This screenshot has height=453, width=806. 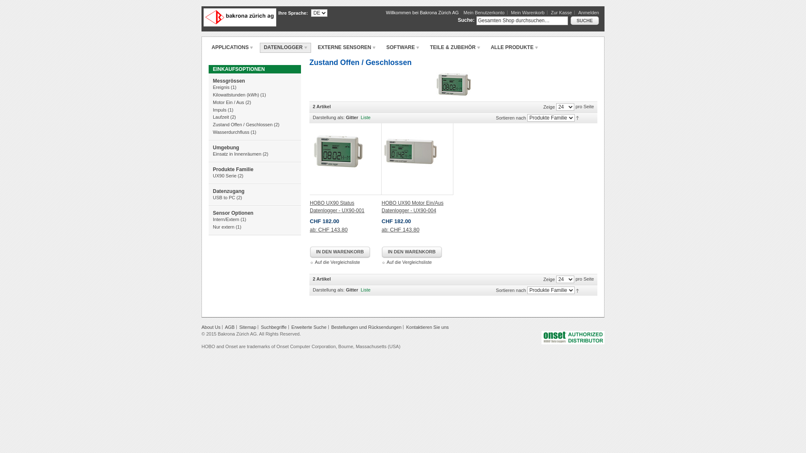 I want to click on 'About Us', so click(x=211, y=326).